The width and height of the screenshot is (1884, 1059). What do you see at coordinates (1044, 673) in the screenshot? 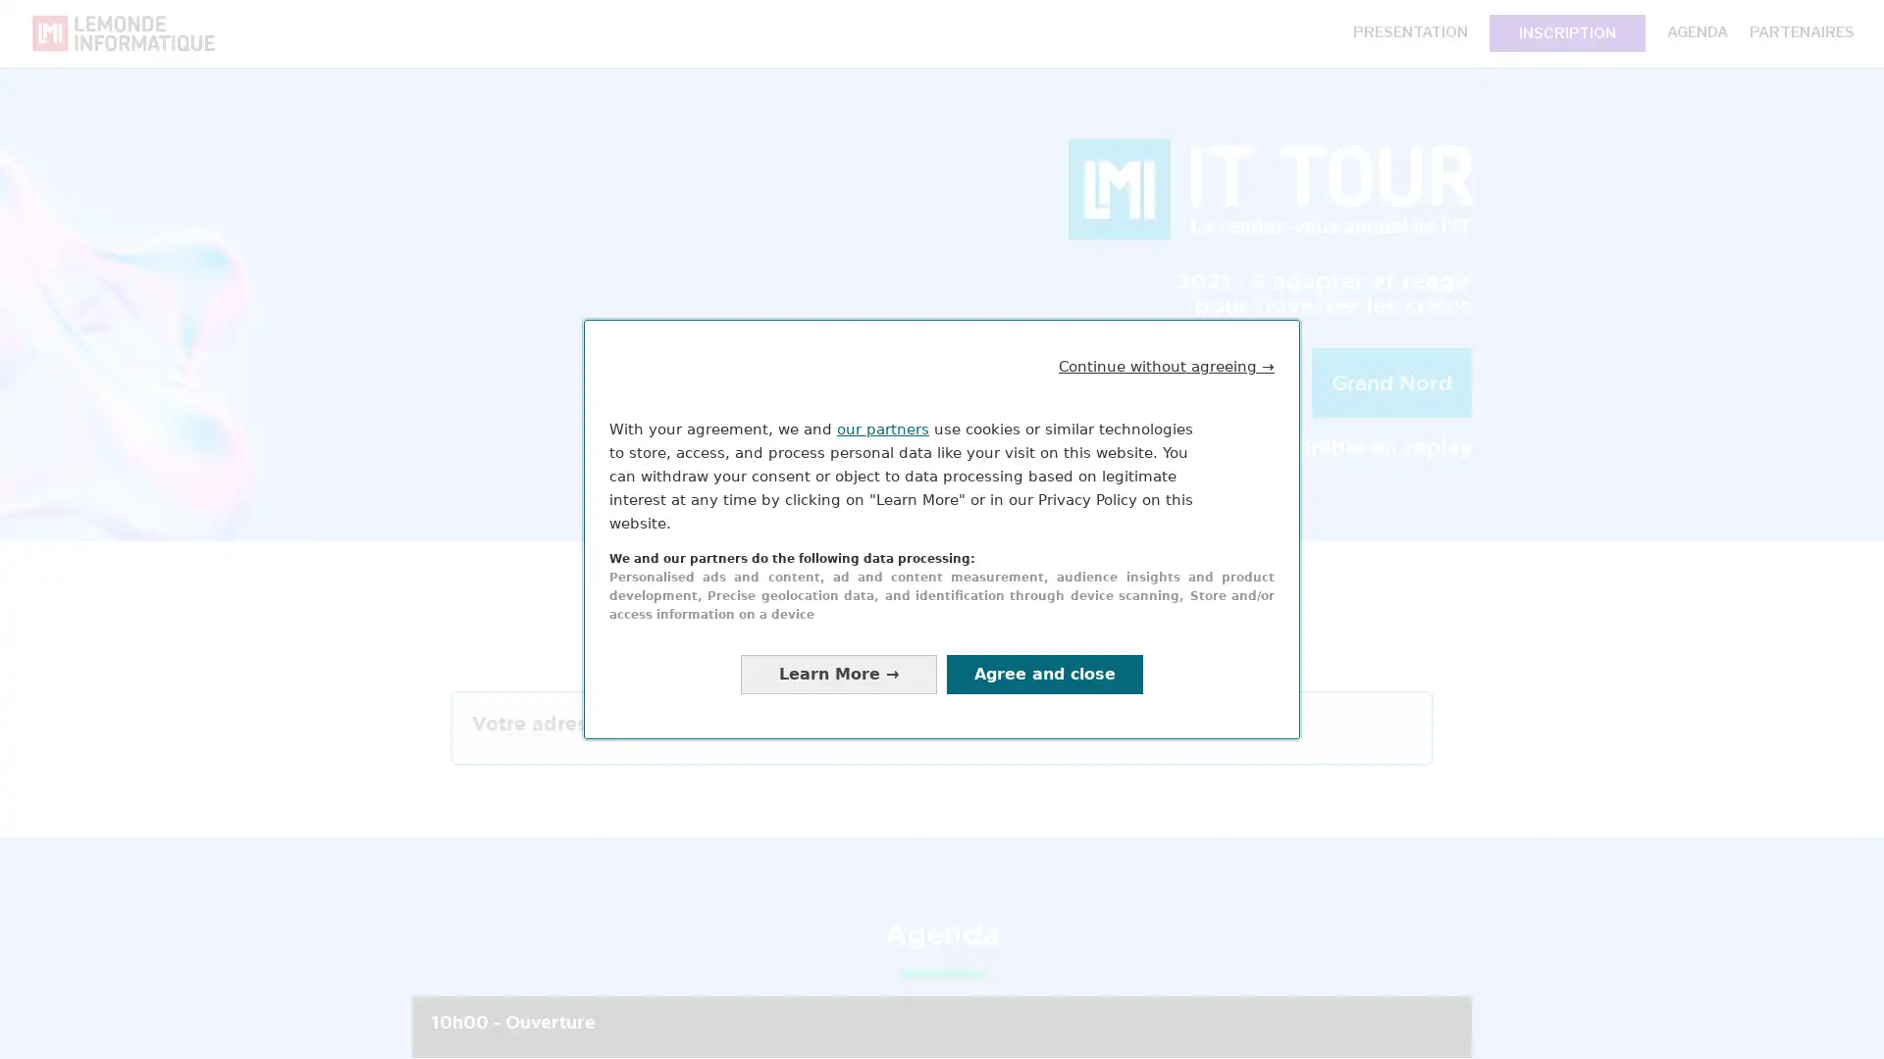
I see `Agree to our data processing and close` at bounding box center [1044, 673].